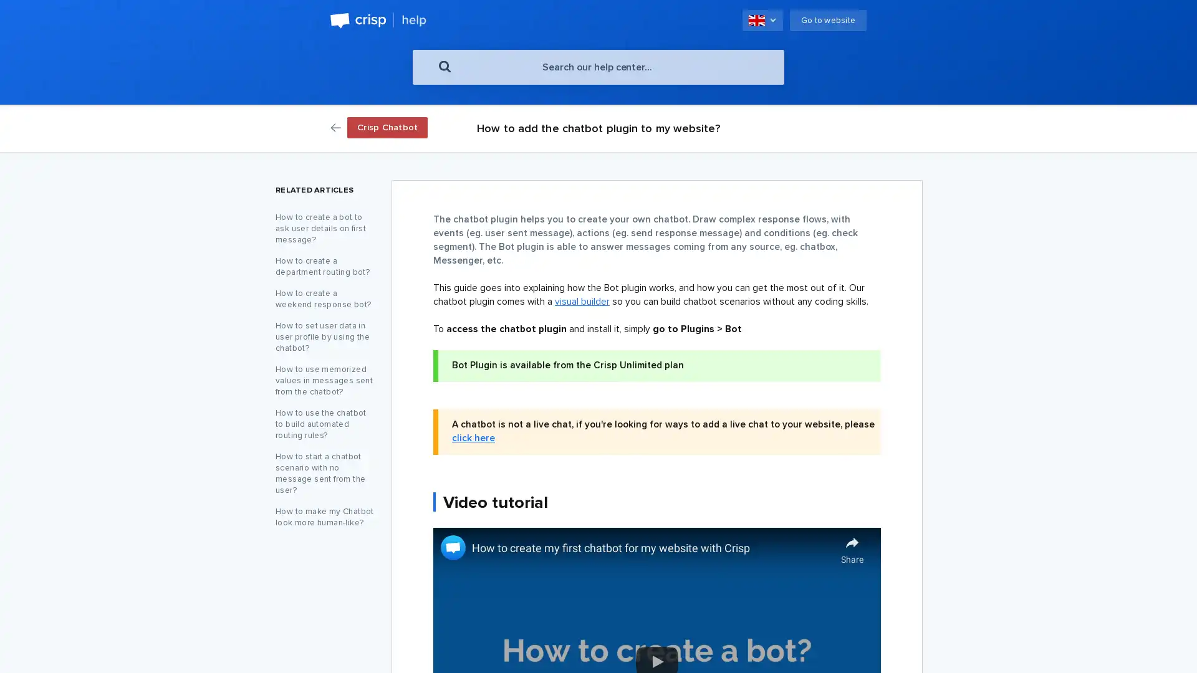 This screenshot has width=1197, height=673. Describe the element at coordinates (1163, 641) in the screenshot. I see `Questions? Chat with us! Support is online. Chat with Crisp Team` at that location.